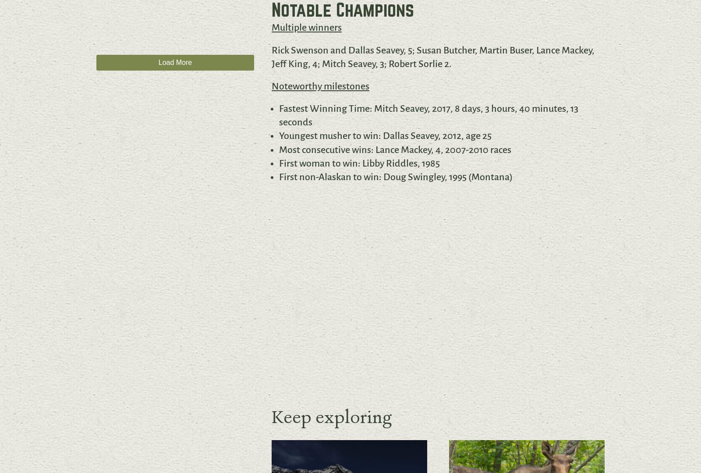  Describe the element at coordinates (306, 27) in the screenshot. I see `'Multiple winners'` at that location.